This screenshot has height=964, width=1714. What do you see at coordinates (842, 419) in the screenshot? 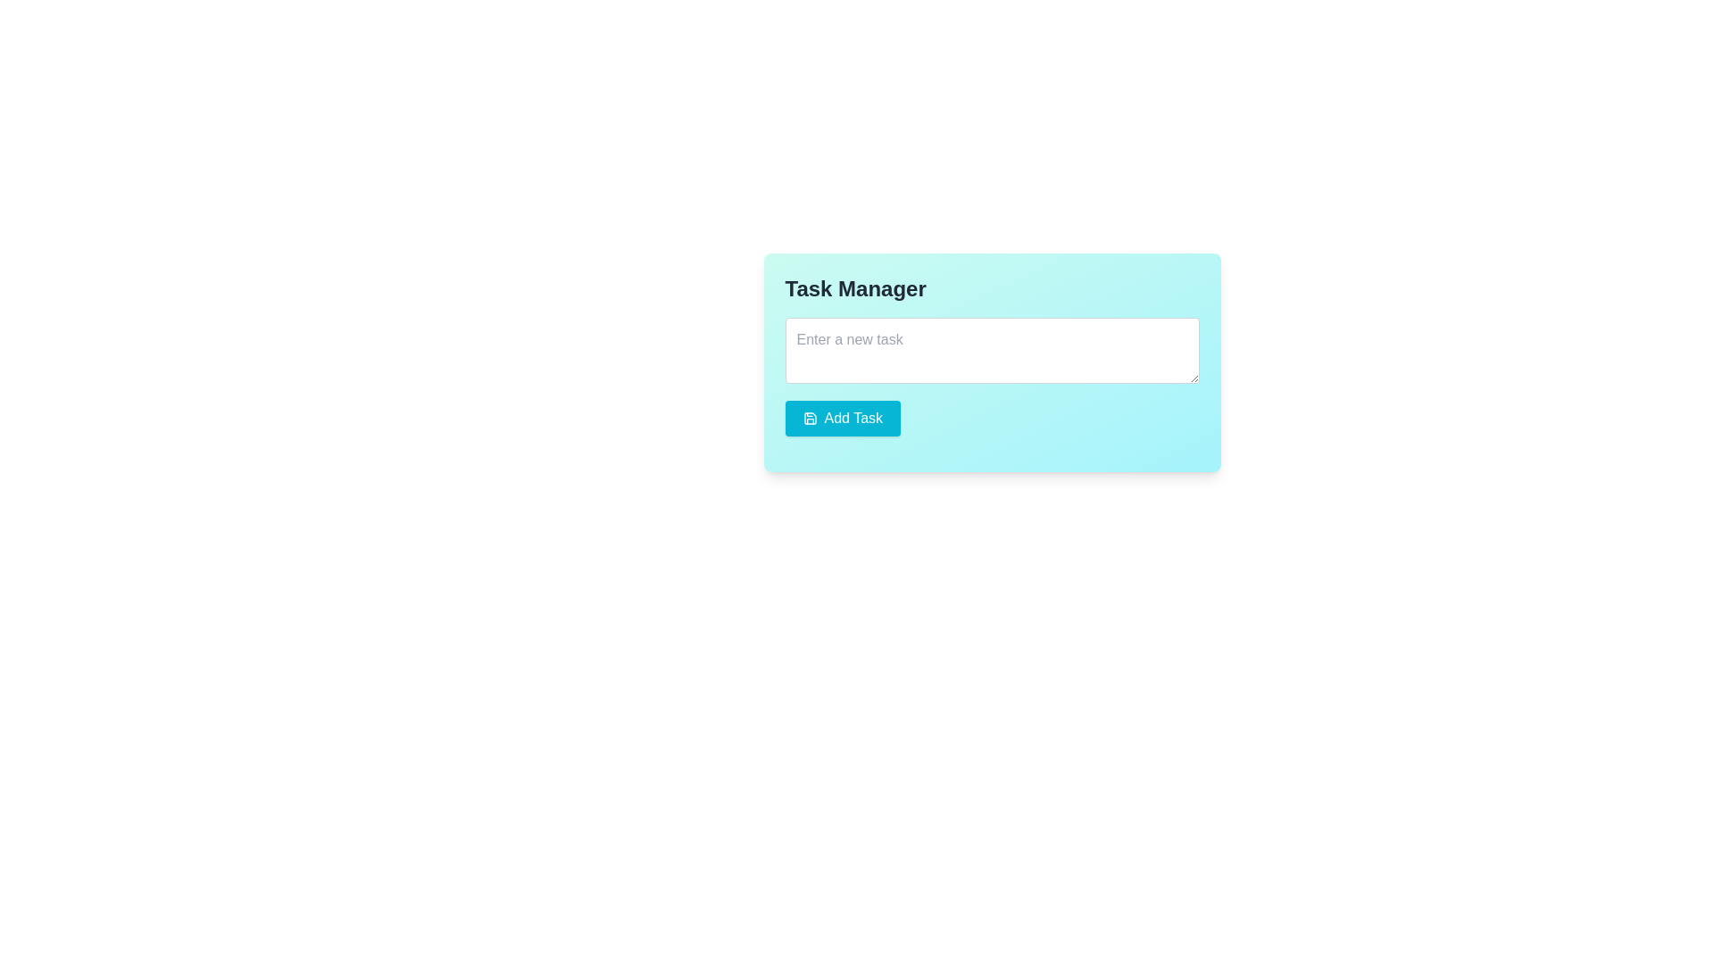
I see `the 'Add Task' button with a cyan background and white text located in the lower-left section of the 'Task Manager' card layout for visual feedback effect` at bounding box center [842, 419].